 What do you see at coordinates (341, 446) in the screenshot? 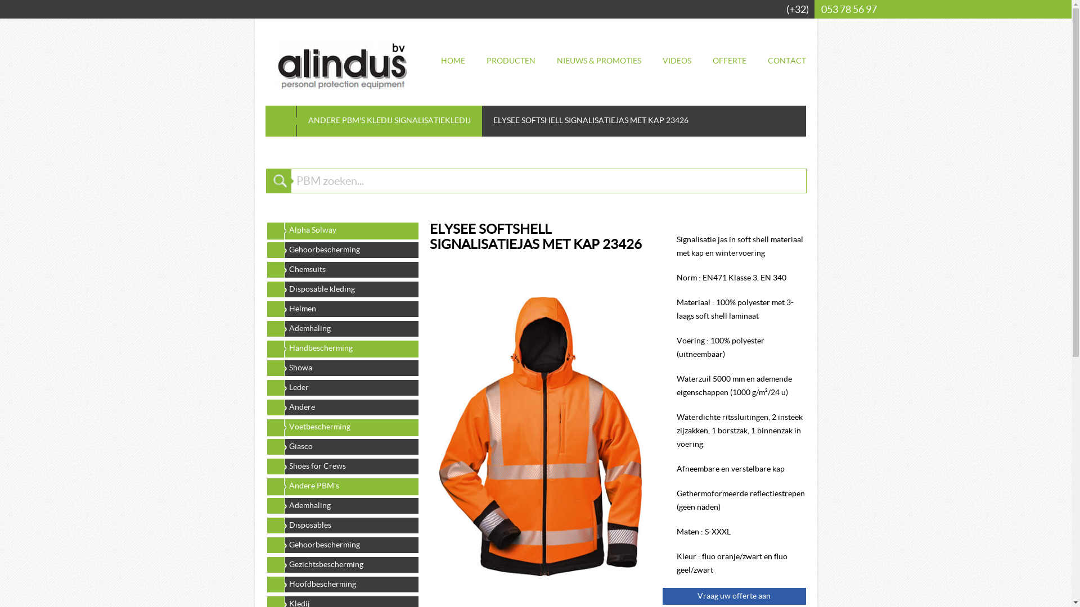
I see `'Giasco'` at bounding box center [341, 446].